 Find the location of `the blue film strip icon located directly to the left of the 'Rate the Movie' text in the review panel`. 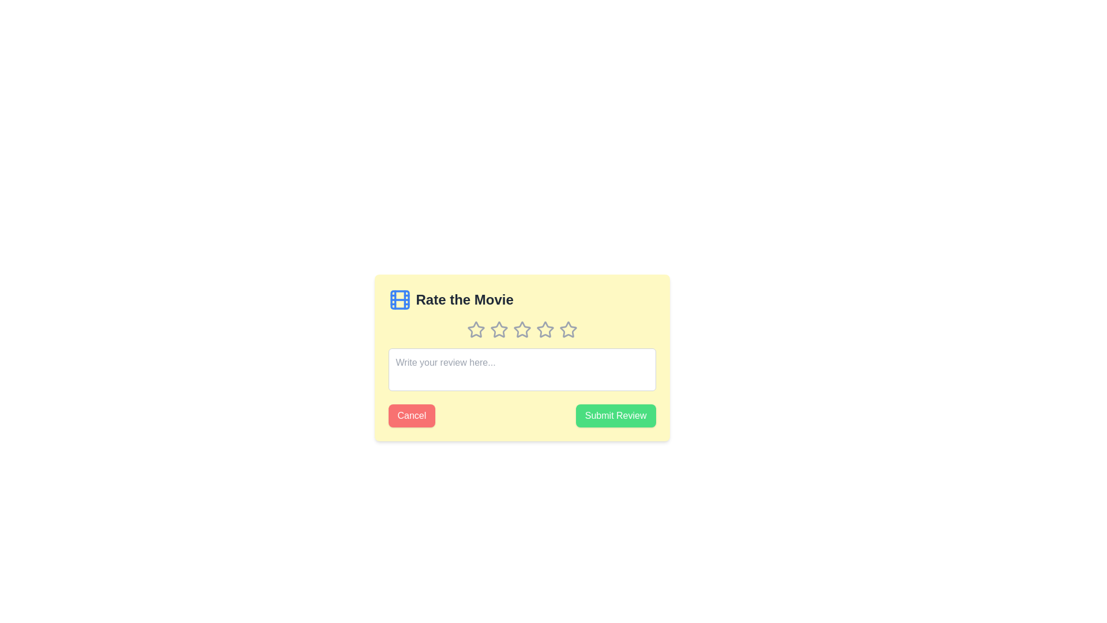

the blue film strip icon located directly to the left of the 'Rate the Movie' text in the review panel is located at coordinates (400, 299).